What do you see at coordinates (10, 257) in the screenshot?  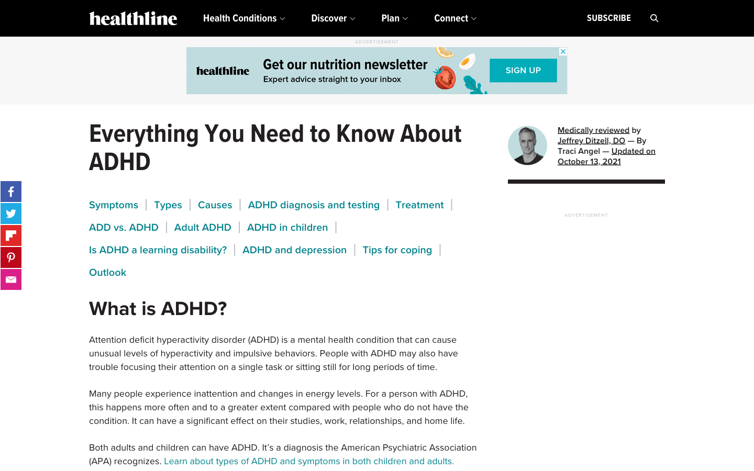 I see `share on Pinterest feature` at bounding box center [10, 257].